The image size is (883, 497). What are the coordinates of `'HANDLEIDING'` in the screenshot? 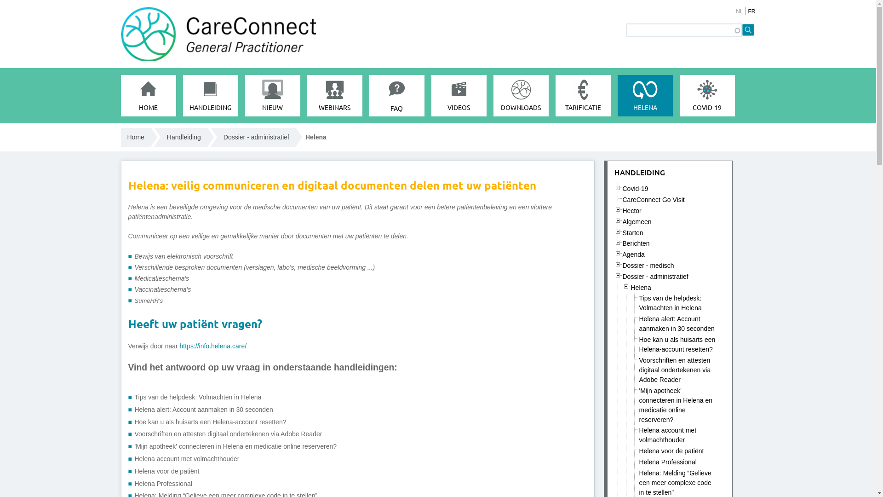 It's located at (639, 172).